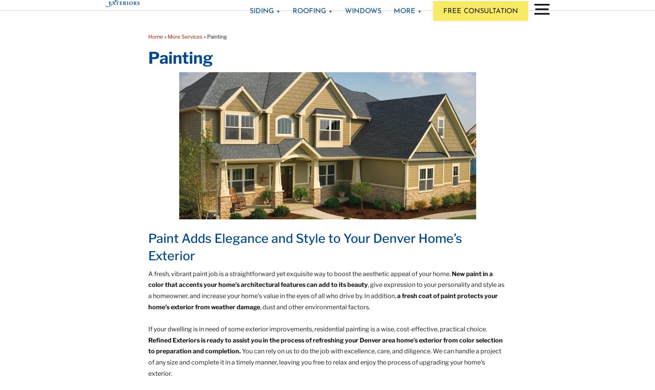 This screenshot has height=390, width=655. Describe the element at coordinates (248, 44) in the screenshot. I see `'Fiber Cement Siding'` at that location.